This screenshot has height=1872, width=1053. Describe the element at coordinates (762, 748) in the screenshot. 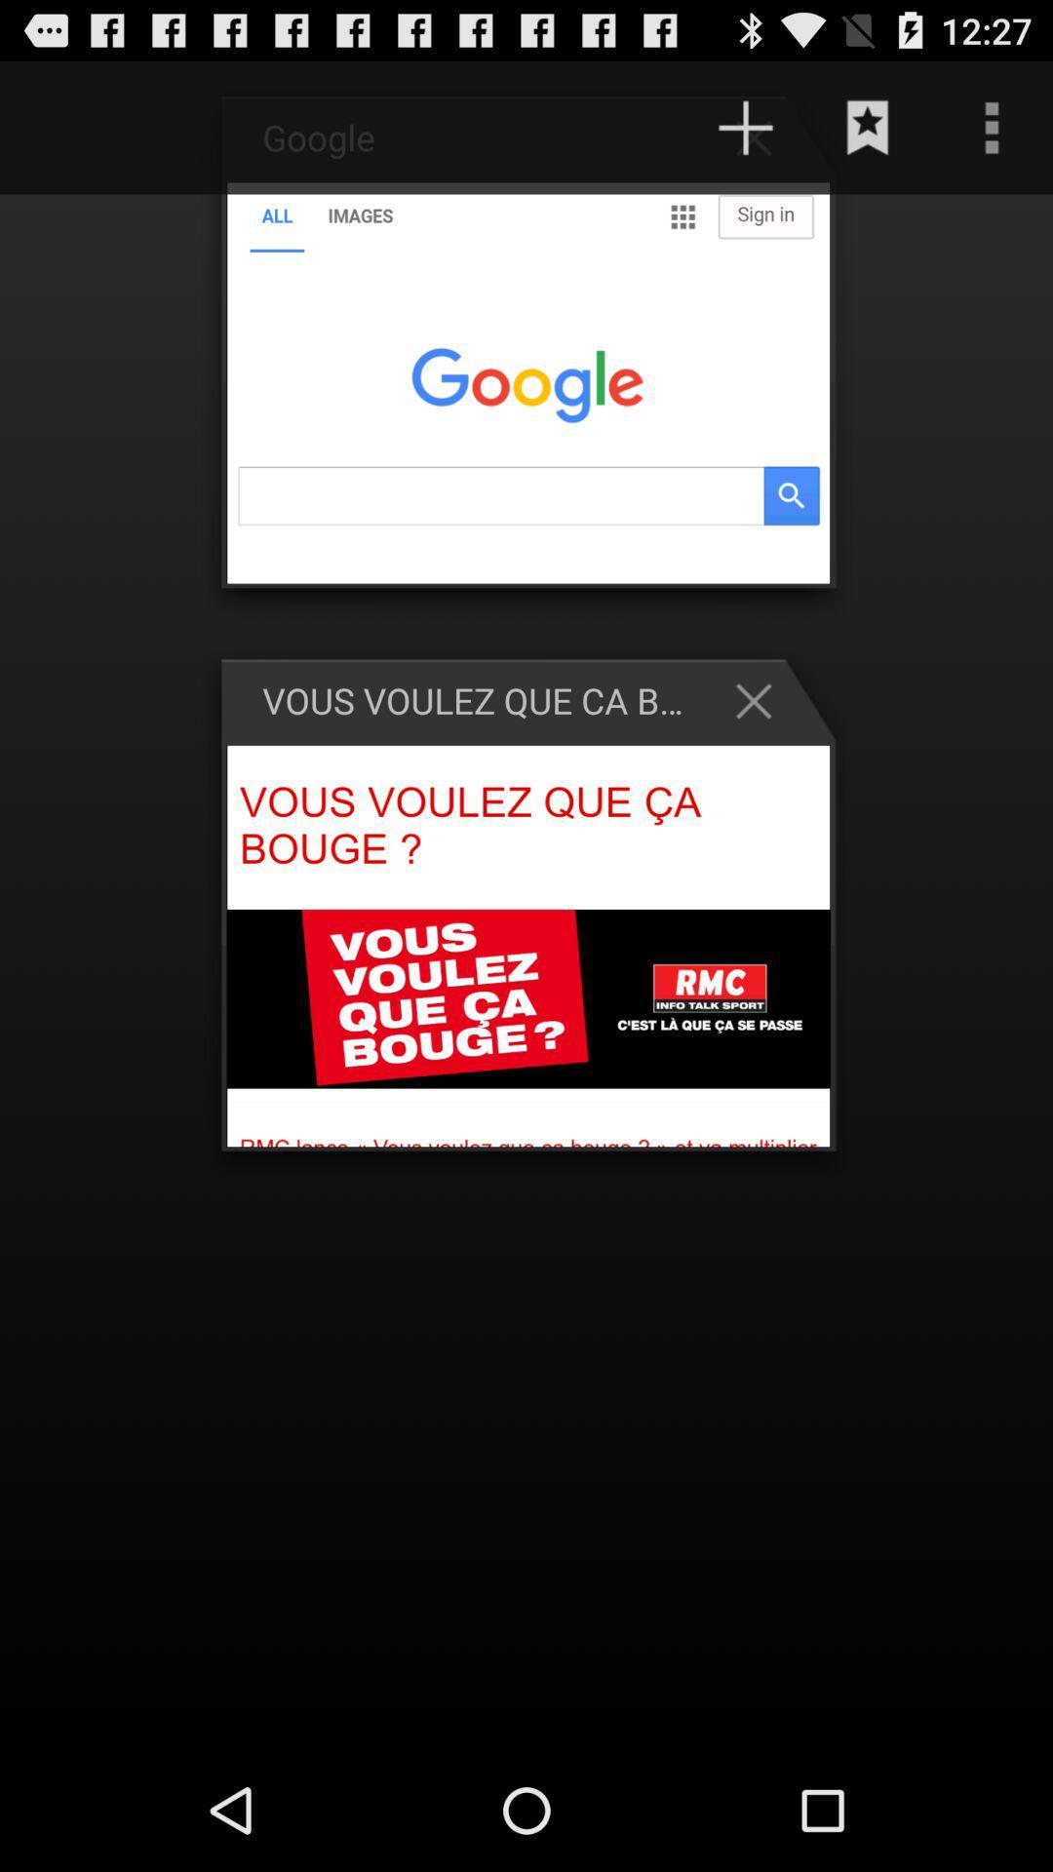

I see `the close icon` at that location.